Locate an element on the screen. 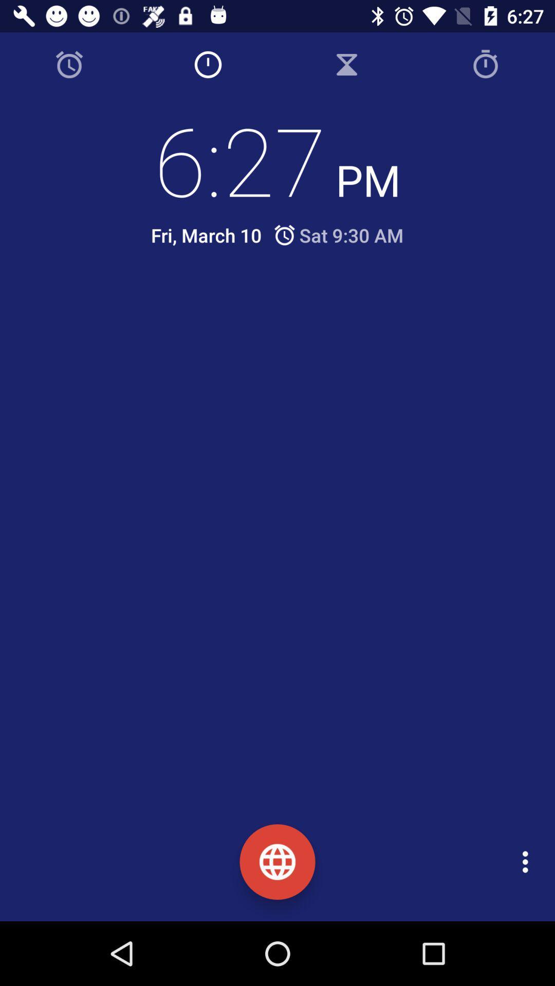 The height and width of the screenshot is (986, 555). sat 9 30 is located at coordinates (338, 235).